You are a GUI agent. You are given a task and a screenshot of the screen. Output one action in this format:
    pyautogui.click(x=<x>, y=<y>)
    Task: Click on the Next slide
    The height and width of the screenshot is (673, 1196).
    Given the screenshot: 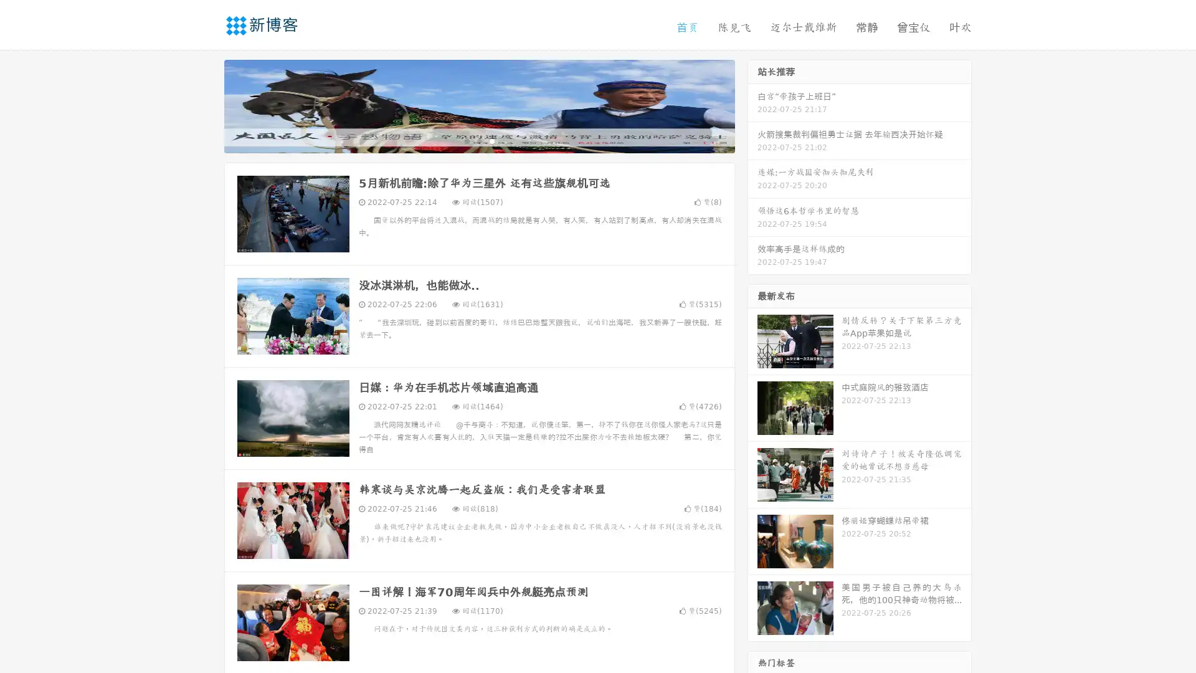 What is the action you would take?
    pyautogui.click(x=752, y=105)
    